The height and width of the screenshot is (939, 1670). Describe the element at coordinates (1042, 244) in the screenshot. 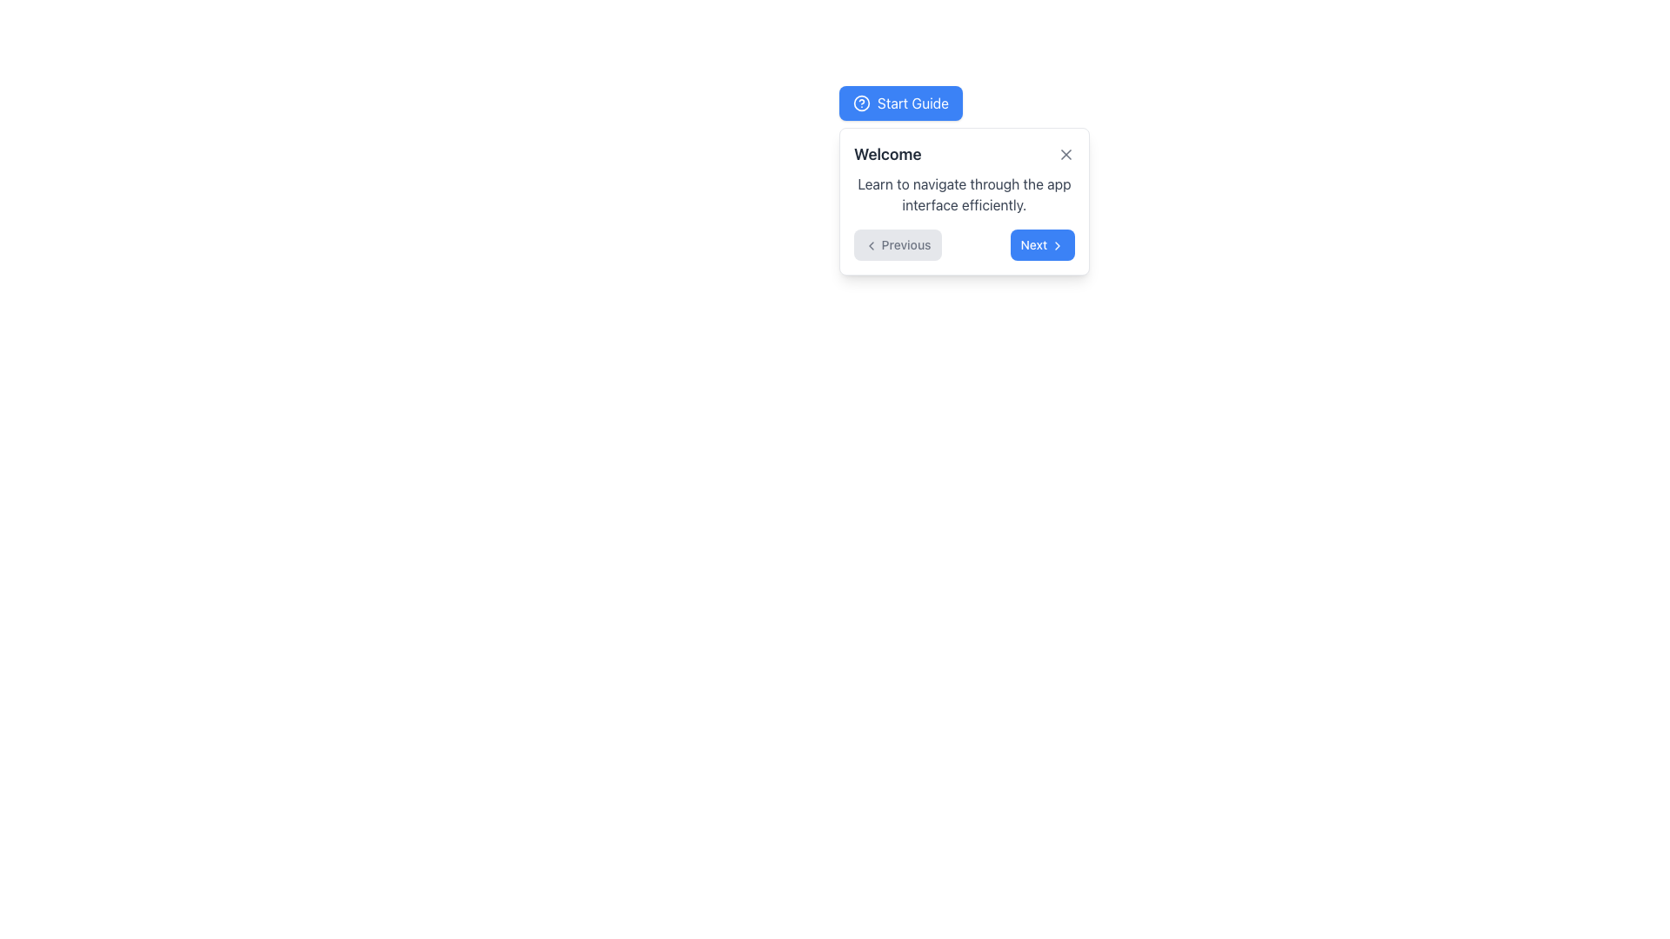

I see `the blue rectangular button labeled 'Next' with a chevron pointing right` at that location.